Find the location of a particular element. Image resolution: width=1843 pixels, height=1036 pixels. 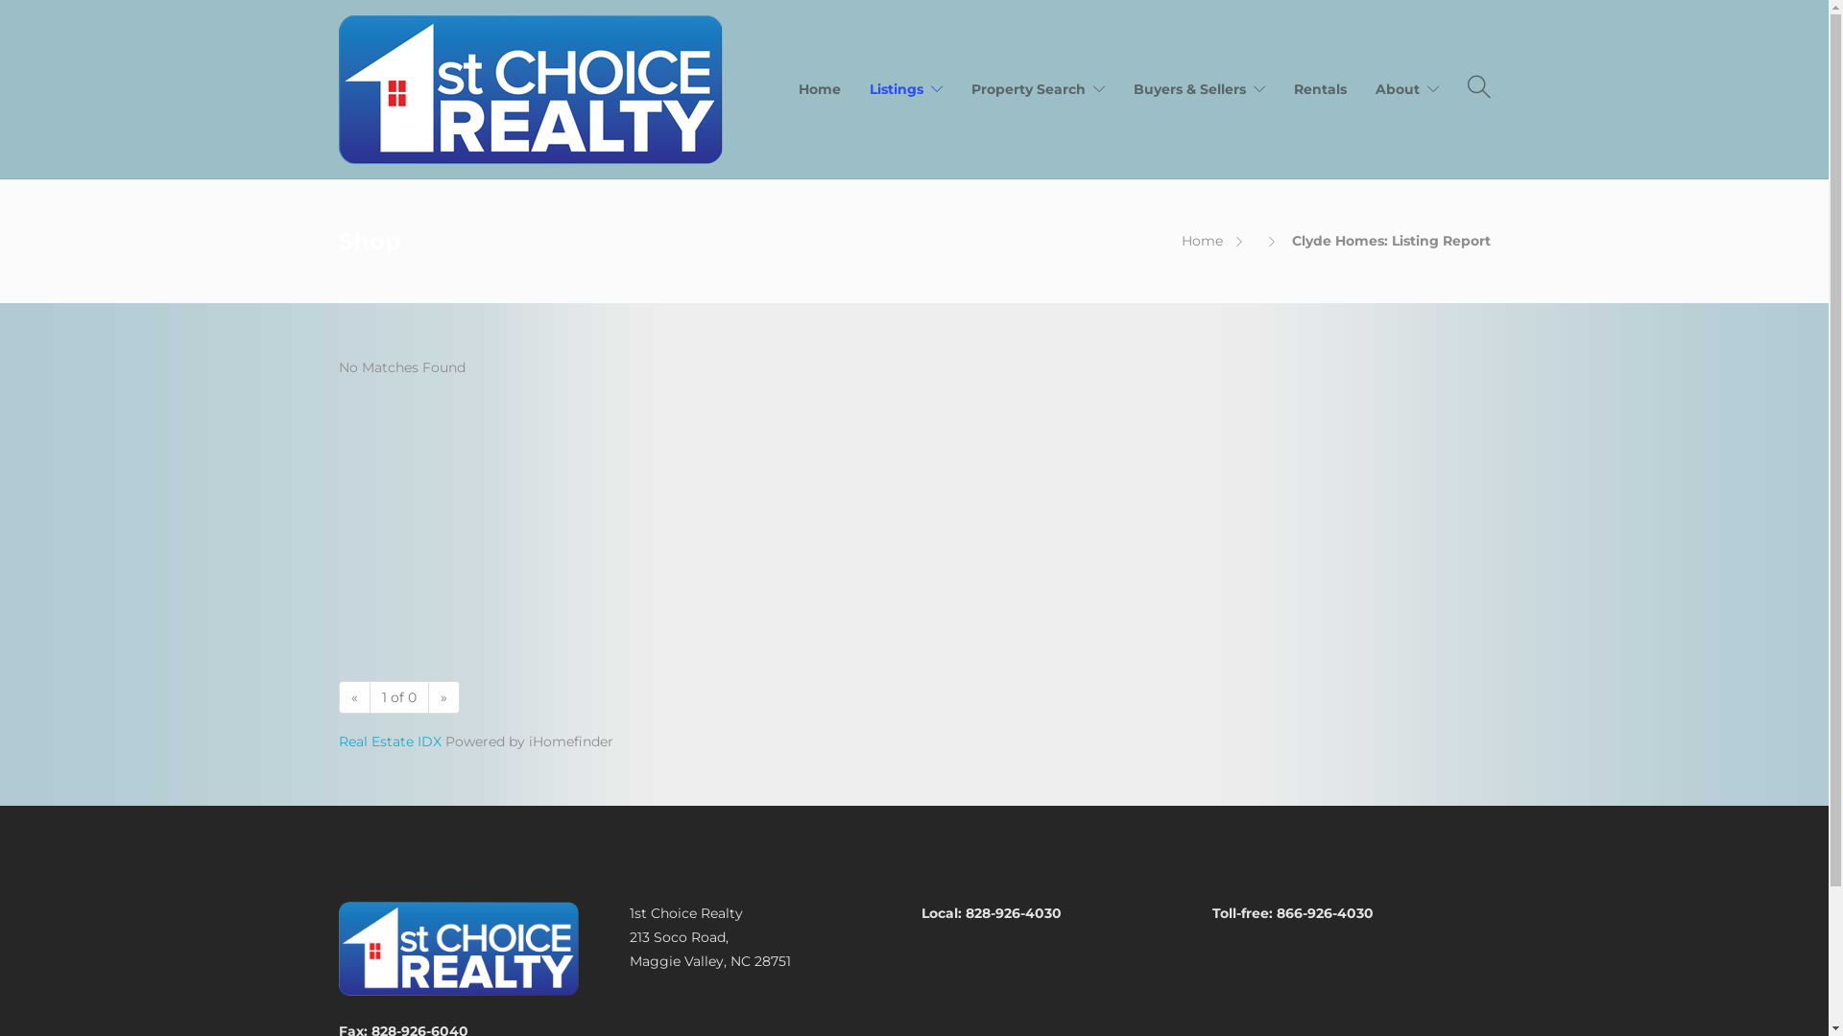

'Rentals' is located at coordinates (1294, 88).